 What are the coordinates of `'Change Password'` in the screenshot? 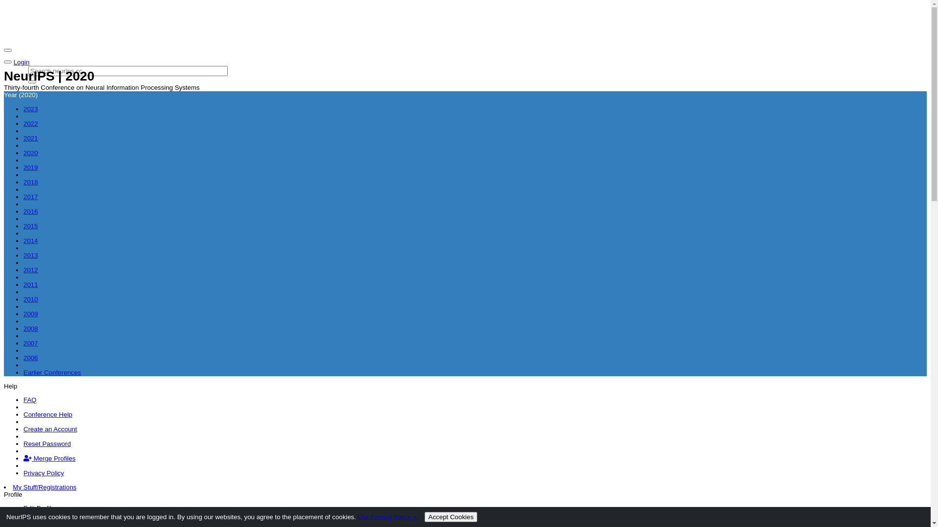 It's located at (49, 522).